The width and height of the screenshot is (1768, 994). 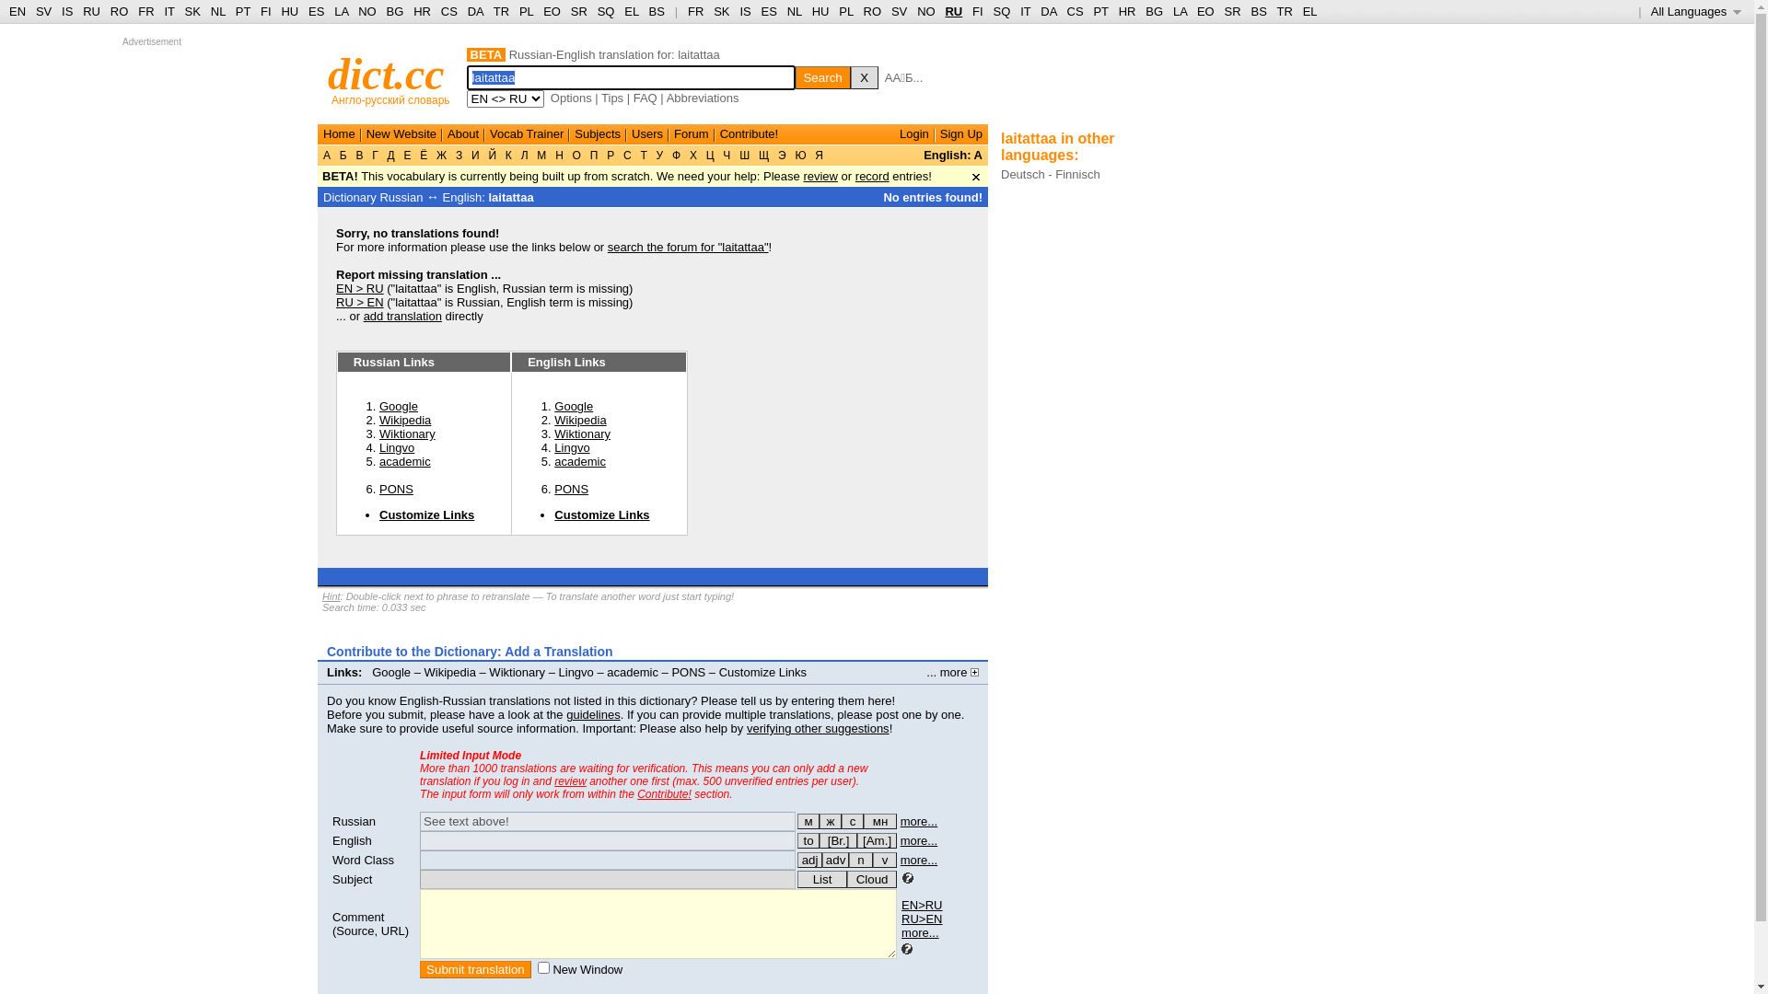 What do you see at coordinates (1074, 11) in the screenshot?
I see `'CS'` at bounding box center [1074, 11].